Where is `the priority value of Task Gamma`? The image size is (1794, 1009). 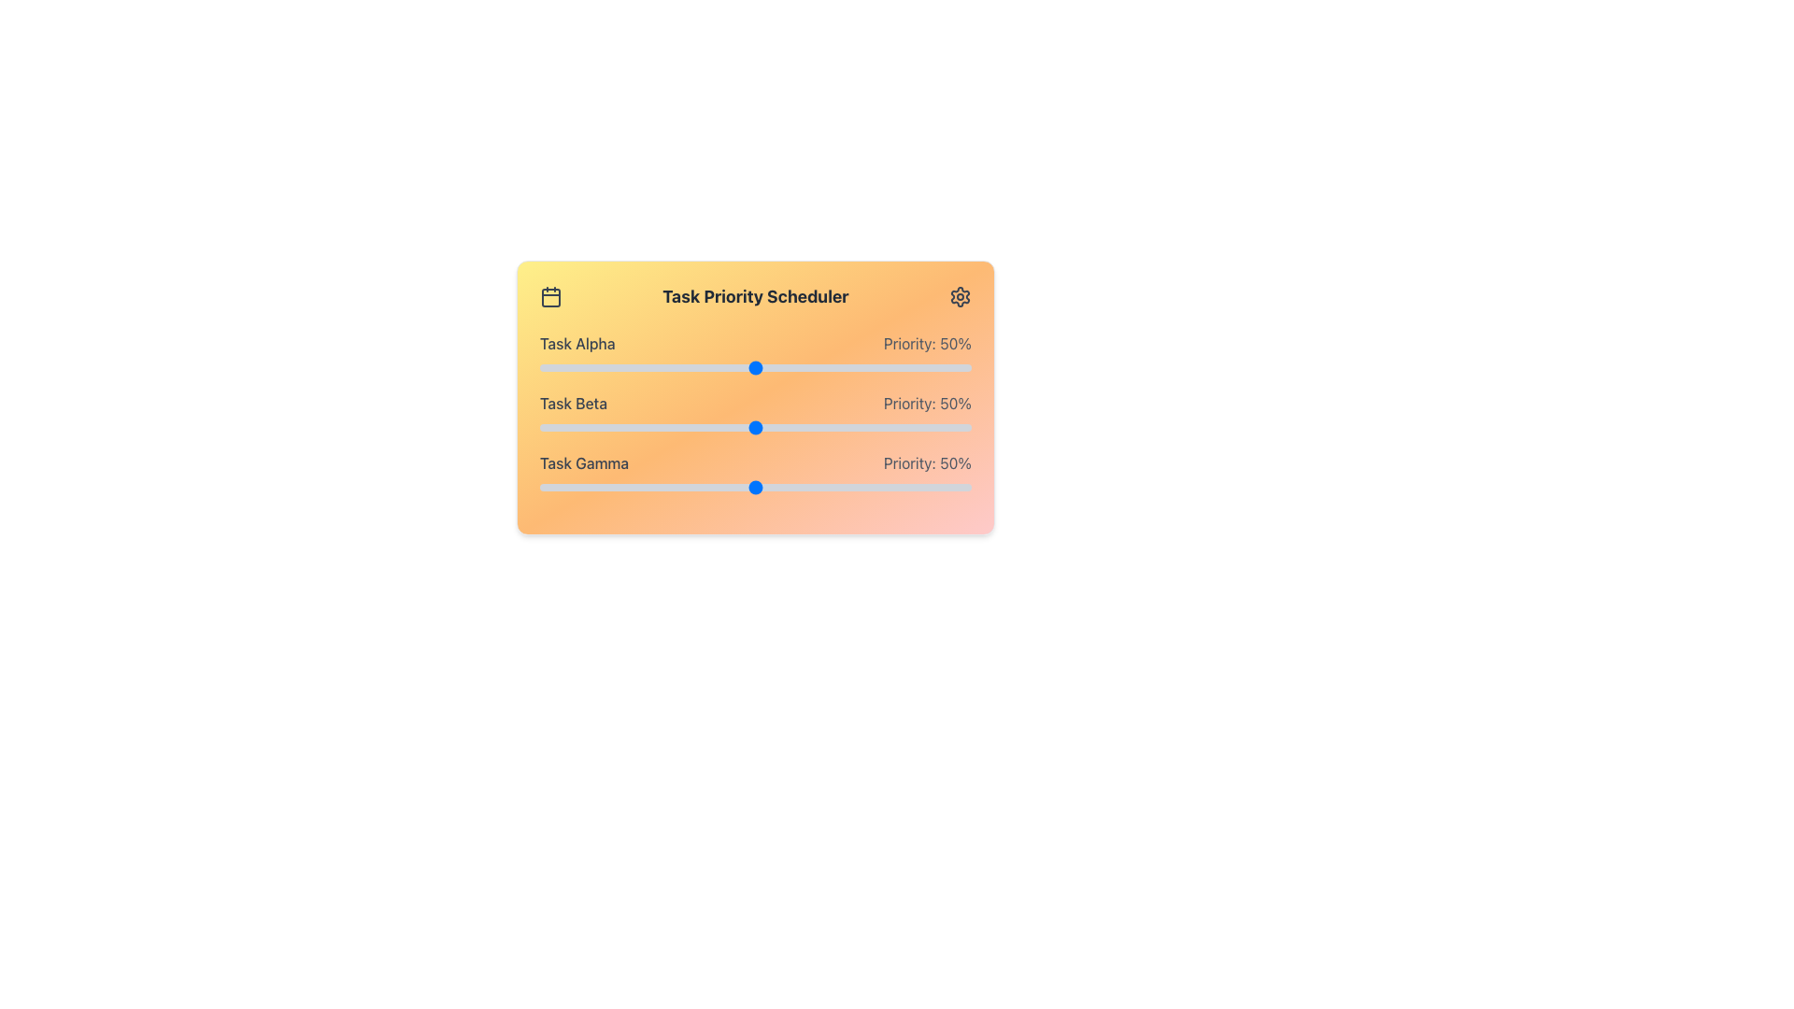
the priority value of Task Gamma is located at coordinates (944, 462).